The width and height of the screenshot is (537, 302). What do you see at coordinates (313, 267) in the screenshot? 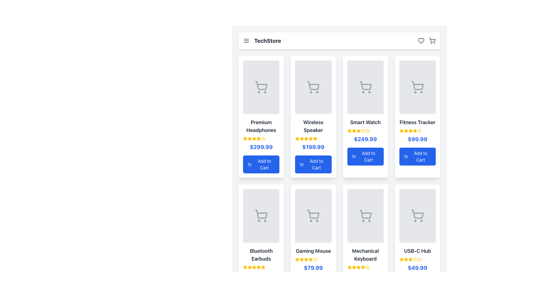
I see `the static text displaying the price '$79.99', which is styled with a bold, extra large font in blue color, located below 'Gaming Mouse' and above the 'Add to Cart' button` at bounding box center [313, 267].